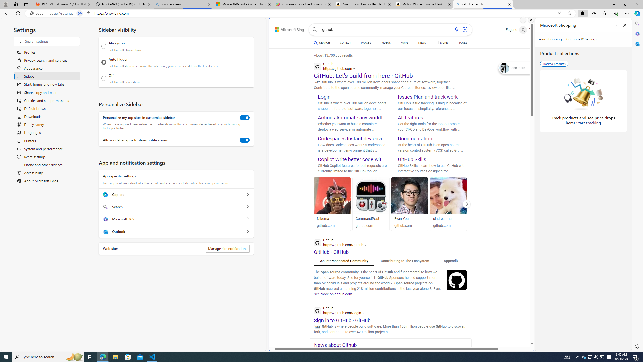 The image size is (643, 362). I want to click on 'Issues Plan and track work', so click(428, 96).